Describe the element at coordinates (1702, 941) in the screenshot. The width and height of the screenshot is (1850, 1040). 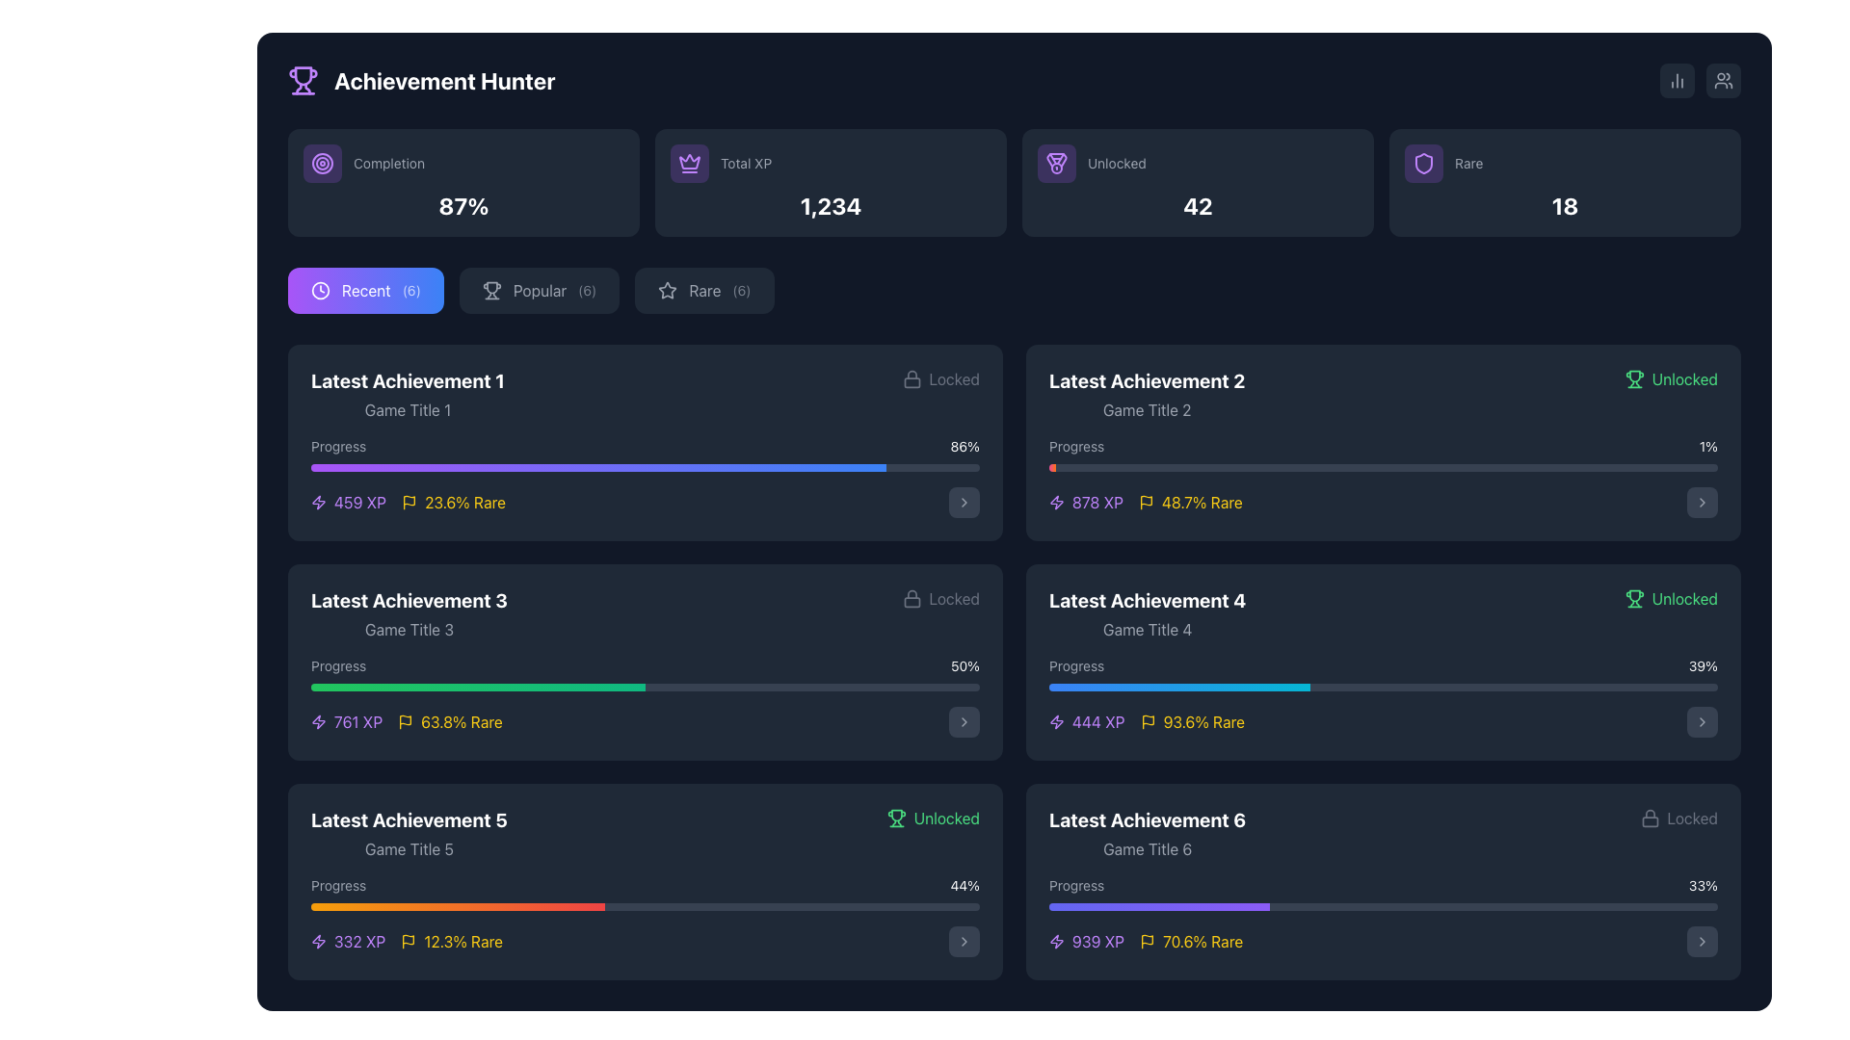
I see `the right-pointing chevron arrow icon button located at the bottom-right corner of the 'Latest Achievement 6' panel` at that location.